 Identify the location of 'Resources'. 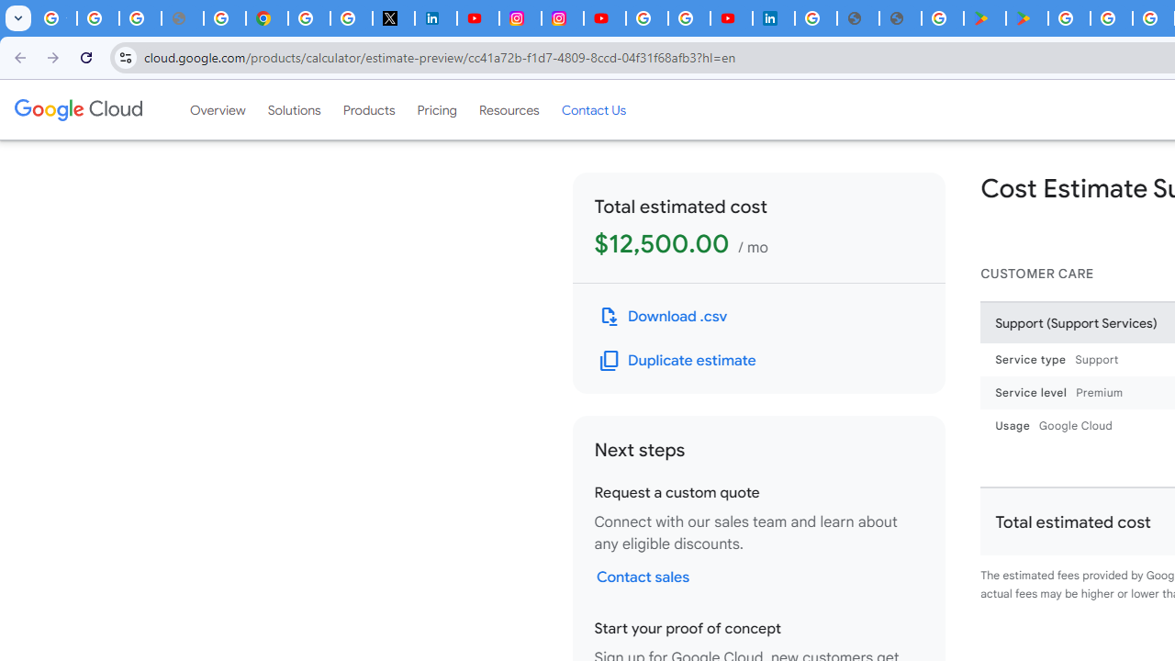
(509, 109).